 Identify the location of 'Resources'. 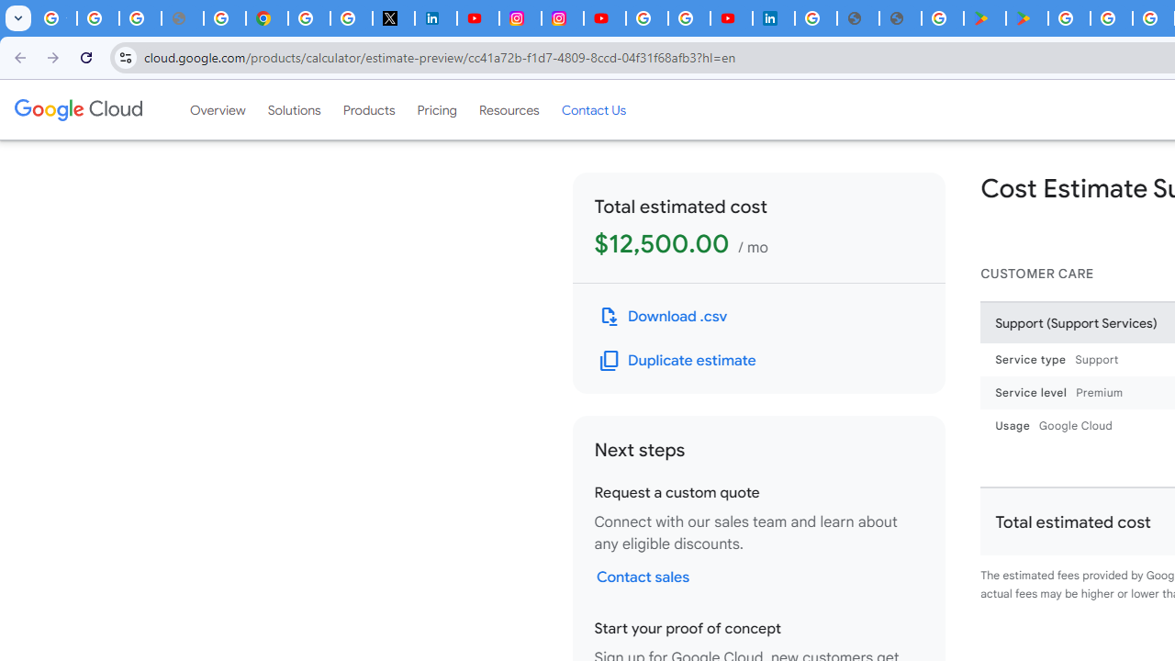
(509, 109).